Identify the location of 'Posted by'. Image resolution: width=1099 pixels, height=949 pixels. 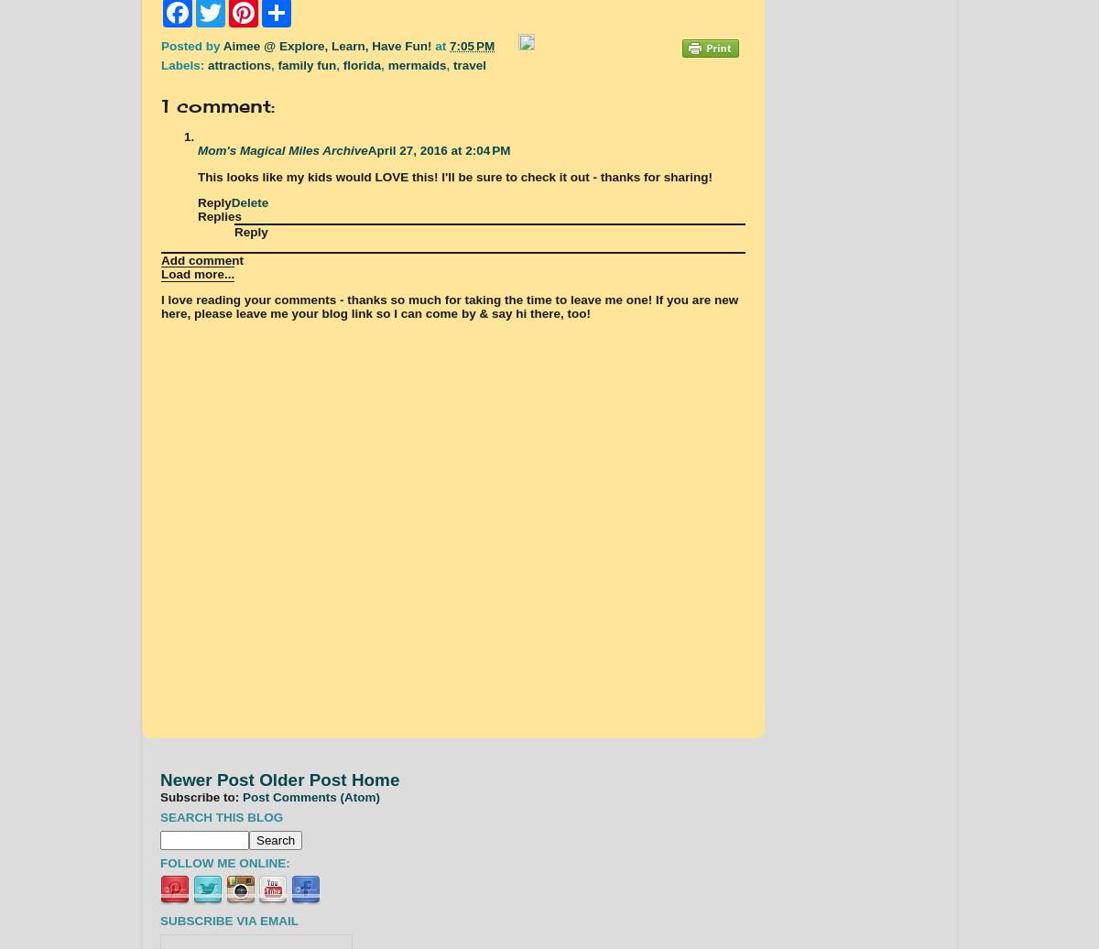
(190, 45).